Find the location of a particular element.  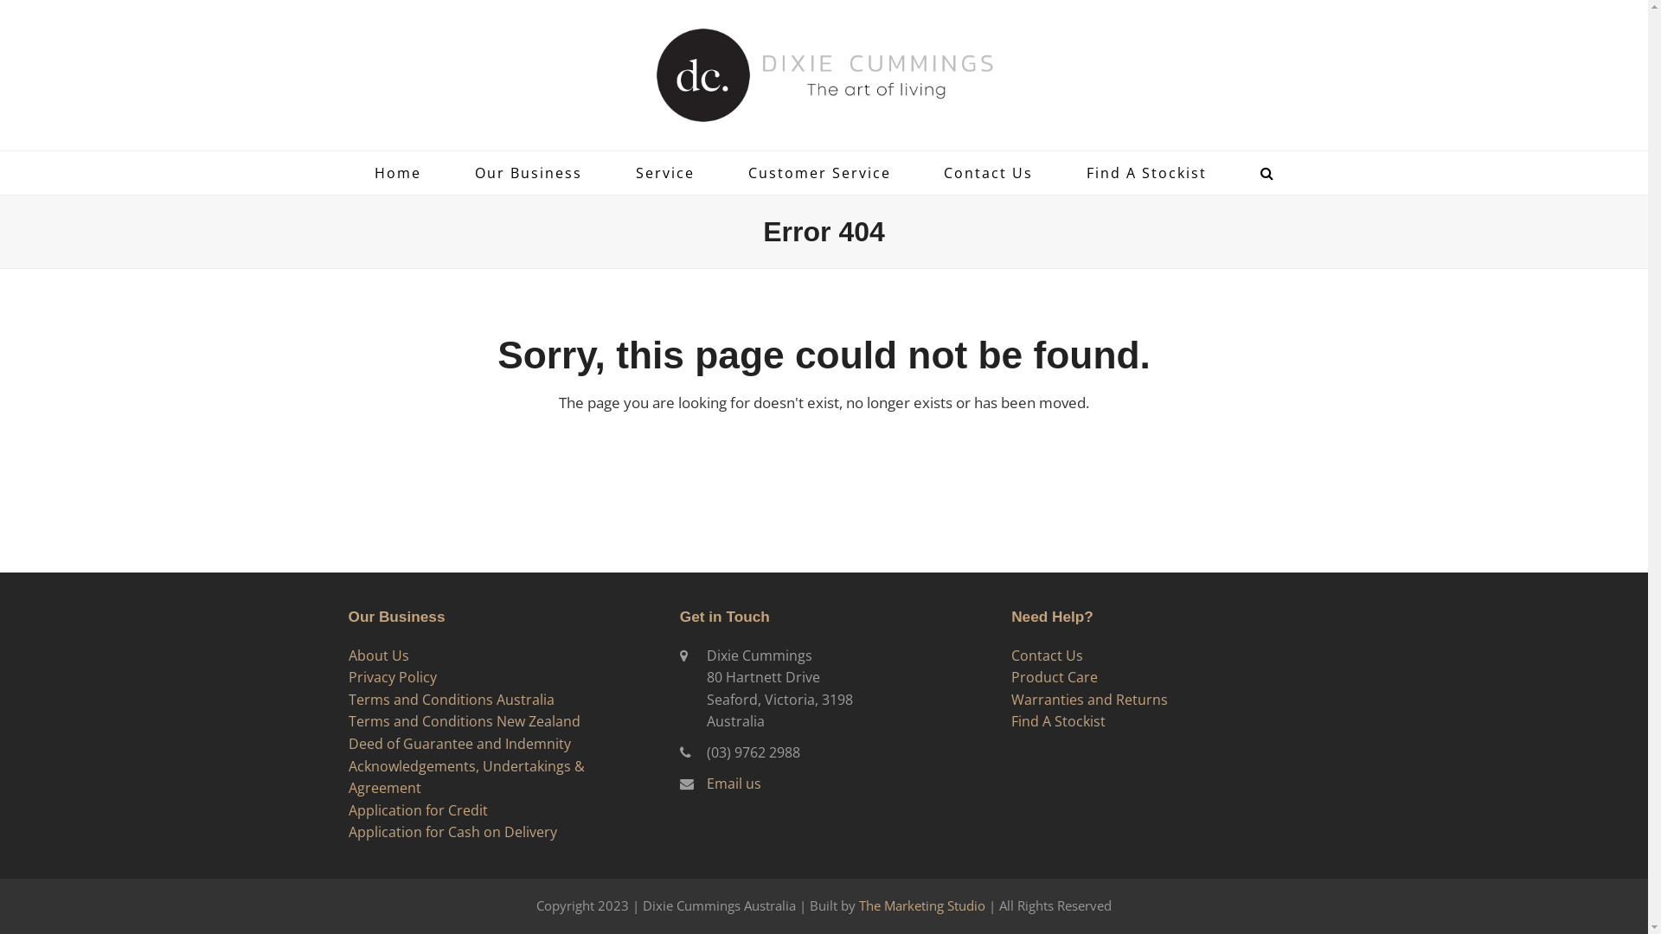

'Home' is located at coordinates (397, 173).